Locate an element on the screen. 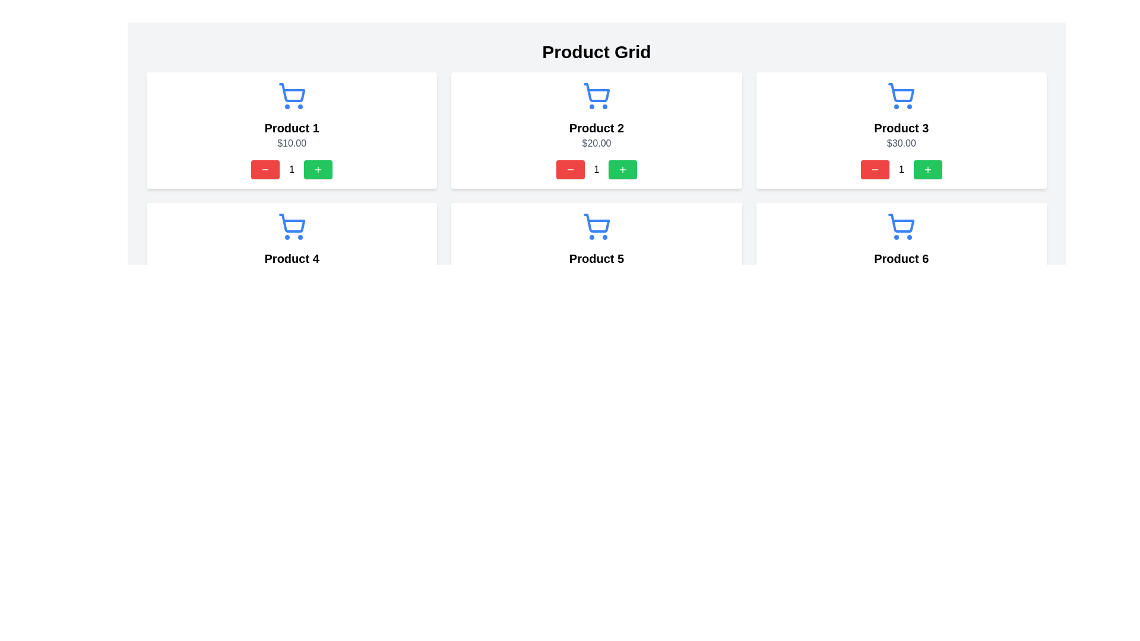 The image size is (1140, 641). the blue shopping cart icon located above the text 'Product 3' and '$30.00' is located at coordinates (901, 92).